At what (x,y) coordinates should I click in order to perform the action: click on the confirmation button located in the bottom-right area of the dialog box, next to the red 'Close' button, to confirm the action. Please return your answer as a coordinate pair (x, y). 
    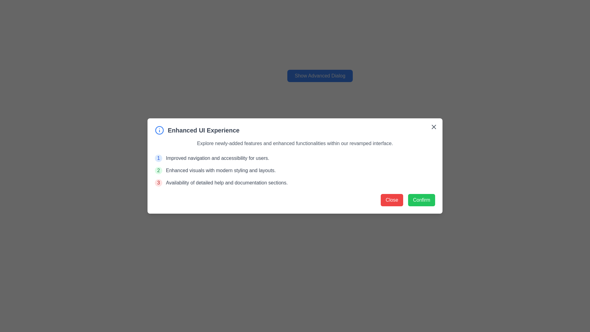
    Looking at the image, I should click on (421, 200).